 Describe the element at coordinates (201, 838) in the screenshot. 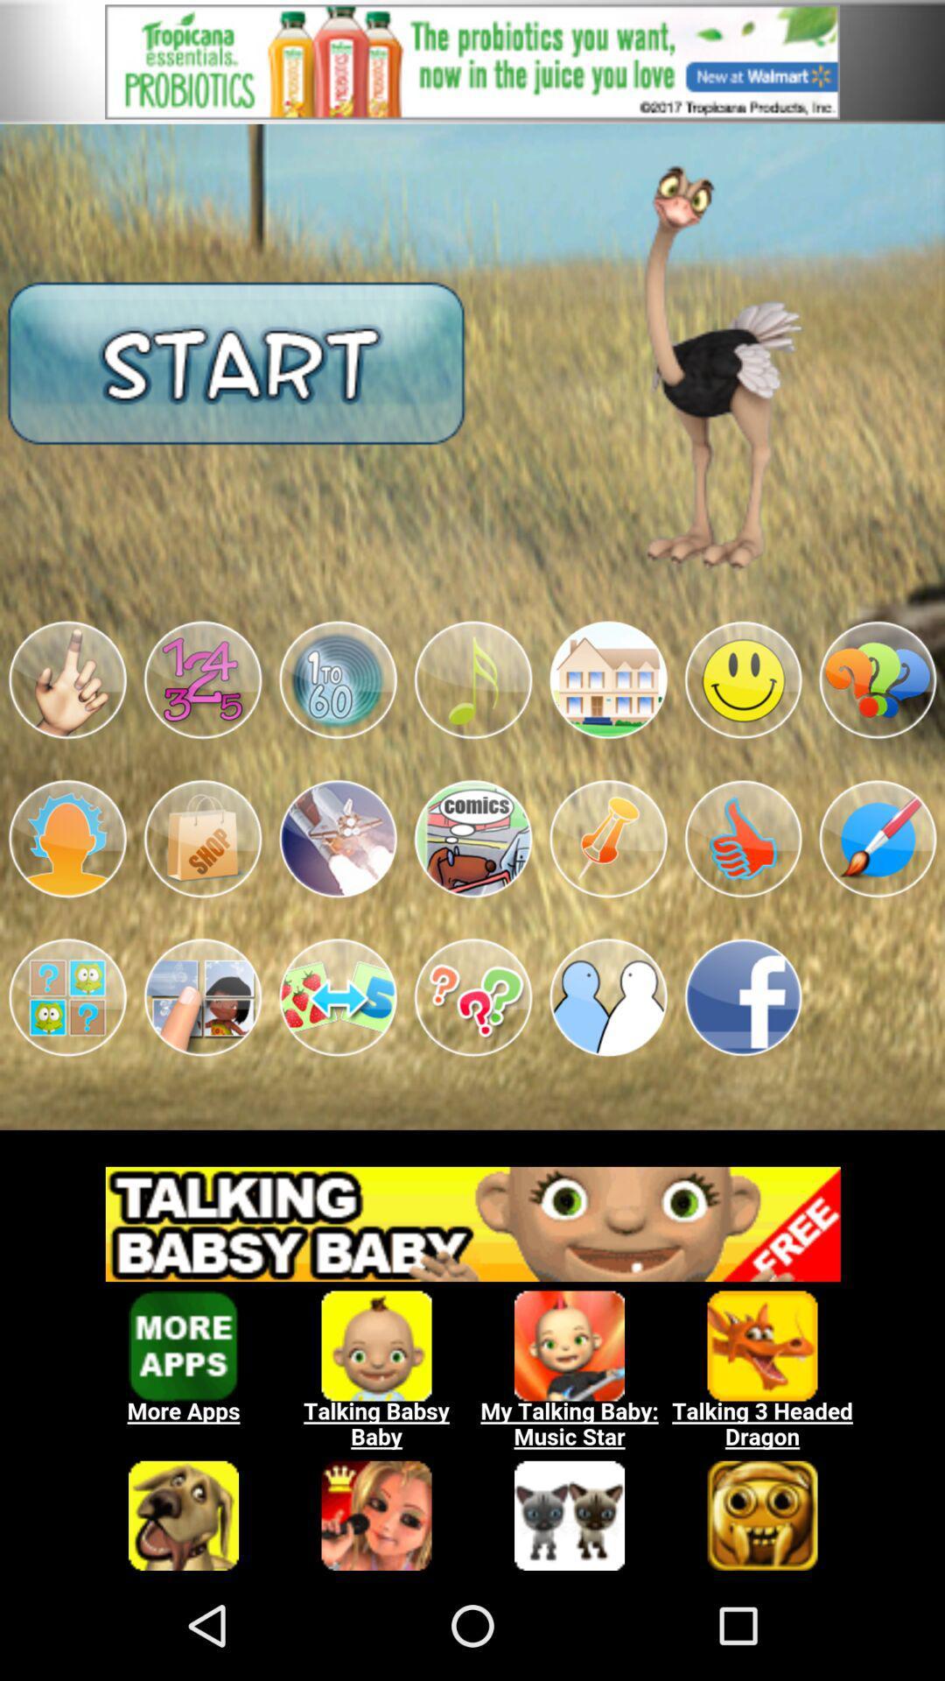

I see `click app` at that location.